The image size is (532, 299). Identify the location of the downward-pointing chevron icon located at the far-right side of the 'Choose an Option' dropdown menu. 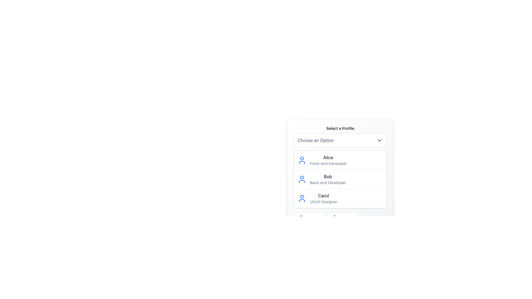
(379, 140).